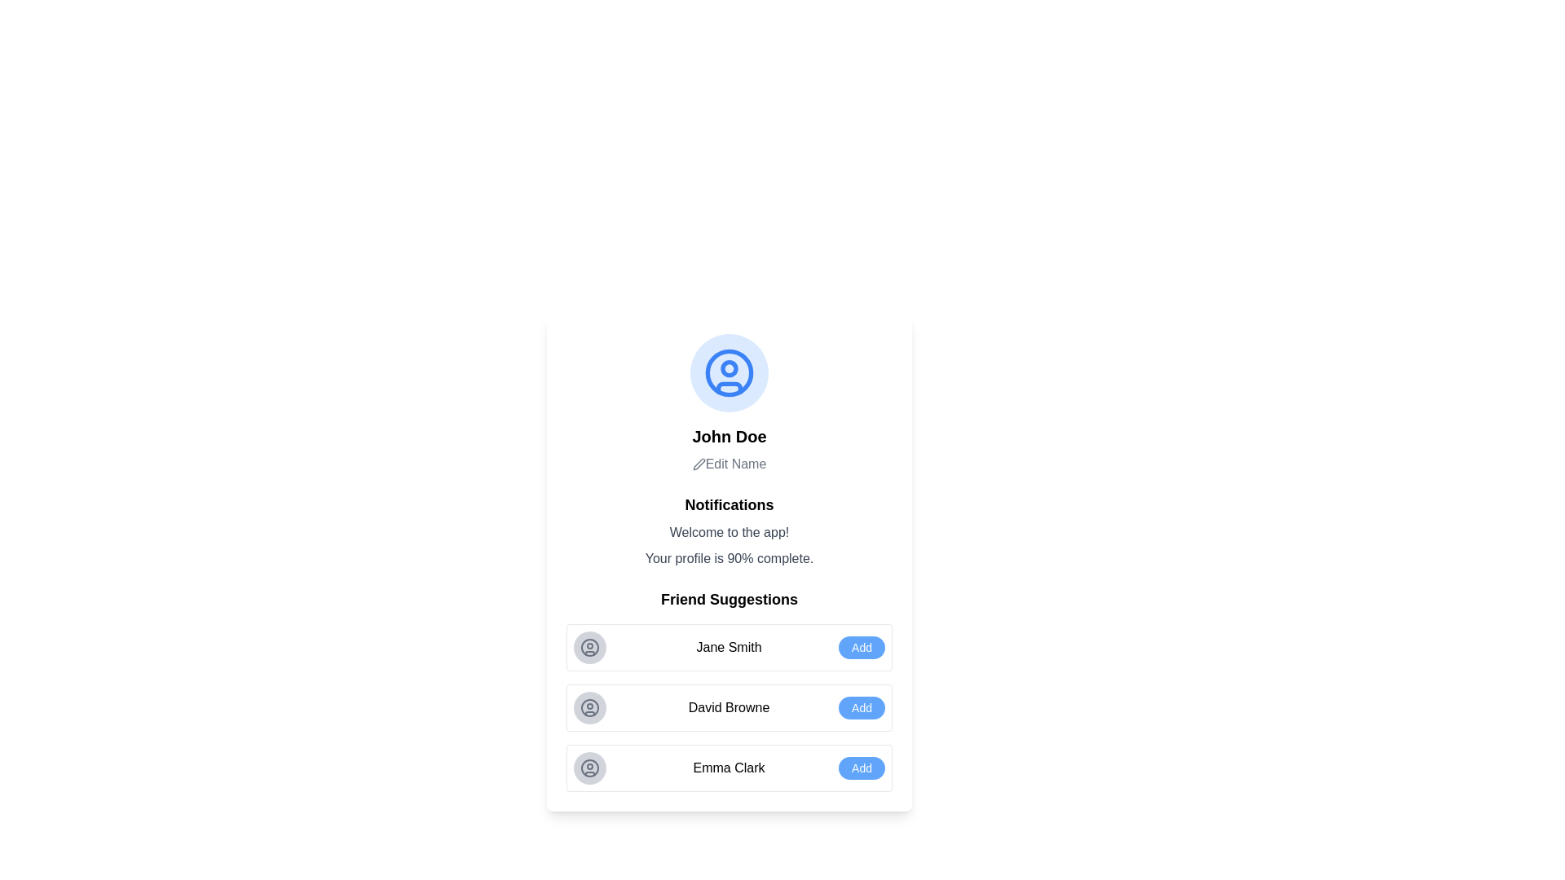 The image size is (1565, 880). I want to click on the circular icon with a grey background and a user-profile outline symbol, which is located in the 'David Browne' suggestion row as the leftmost element, so click(589, 706).